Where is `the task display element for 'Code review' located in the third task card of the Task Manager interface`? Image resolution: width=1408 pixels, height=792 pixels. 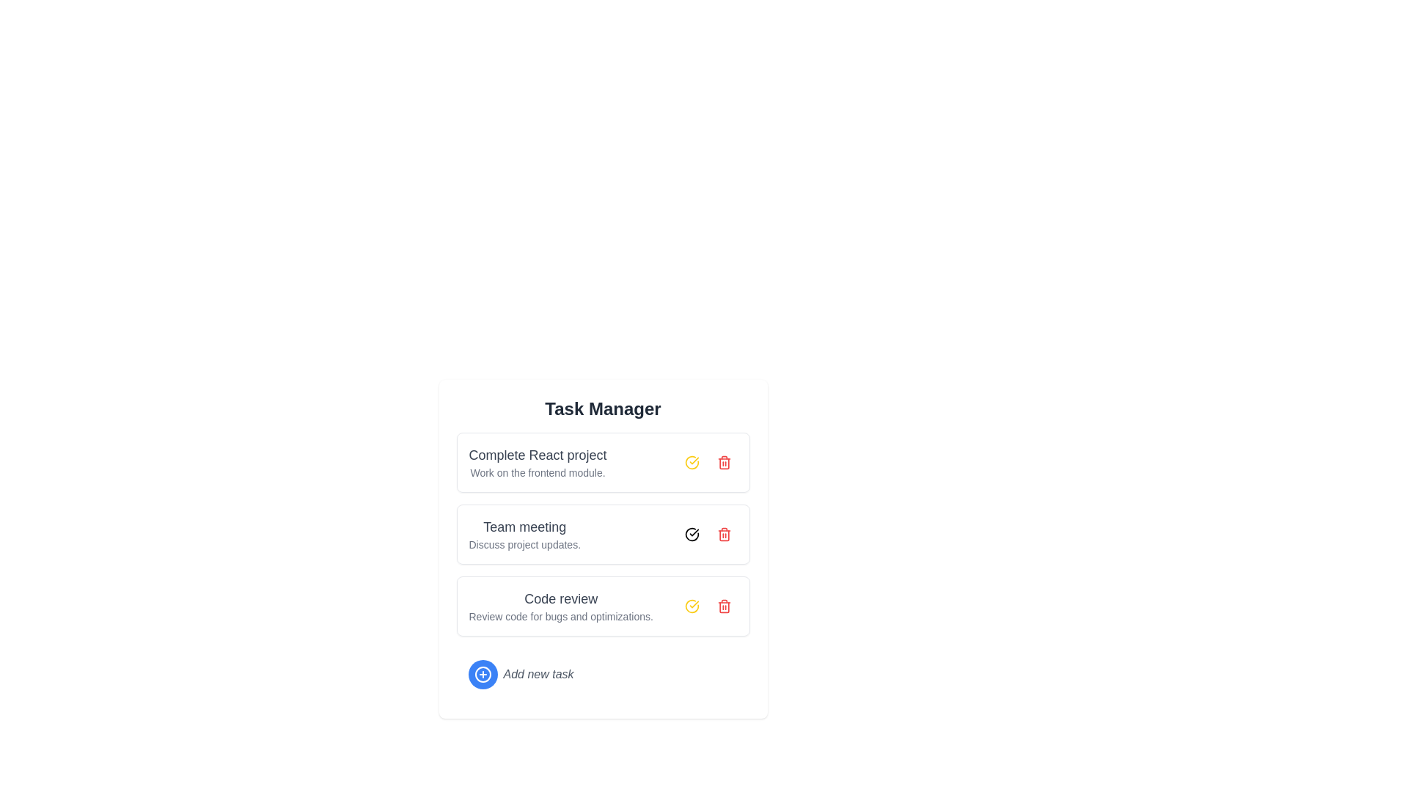 the task display element for 'Code review' located in the third task card of the Task Manager interface is located at coordinates (560, 606).